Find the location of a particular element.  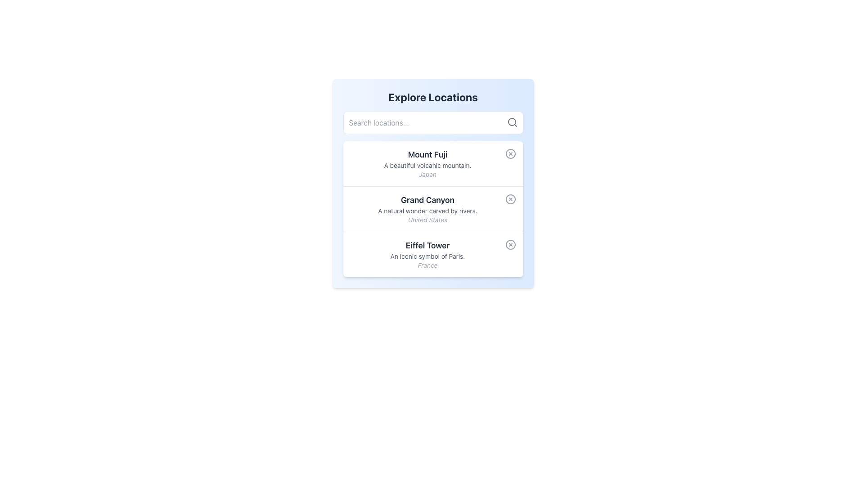

the circular 'Close' button located next to the 'Mount Fuji' item in the list is located at coordinates (510, 153).